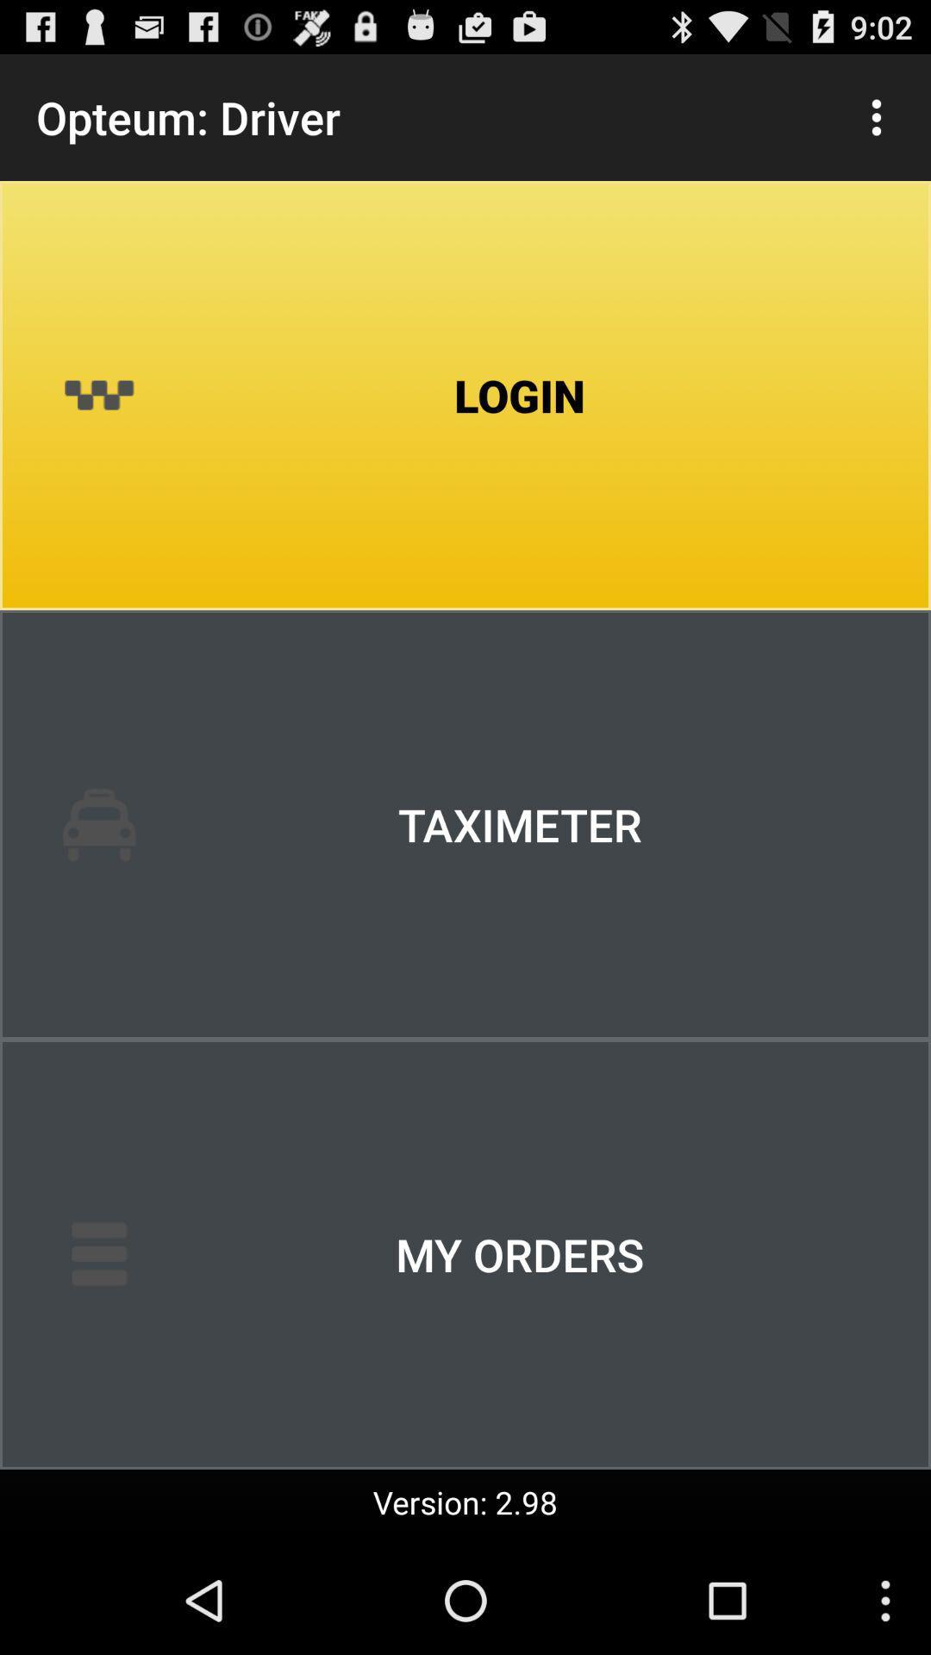 The width and height of the screenshot is (931, 1655). Describe the element at coordinates (465, 1254) in the screenshot. I see `item above the version: 2.98` at that location.